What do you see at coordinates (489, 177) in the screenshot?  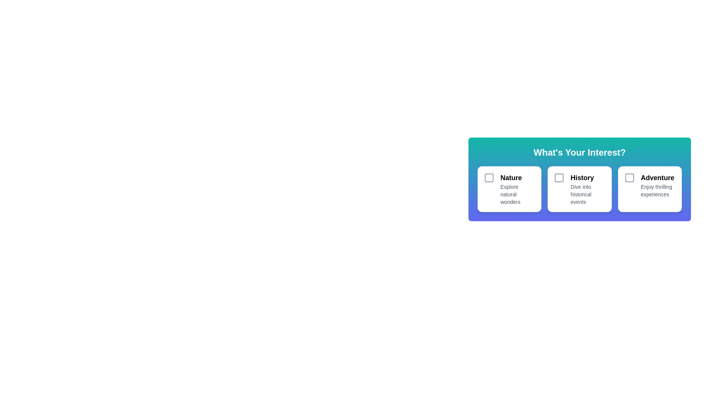 I see `the checkbox located at the top-left corner of the 'Nature' card within the 'What’s Your Interest?' section` at bounding box center [489, 177].